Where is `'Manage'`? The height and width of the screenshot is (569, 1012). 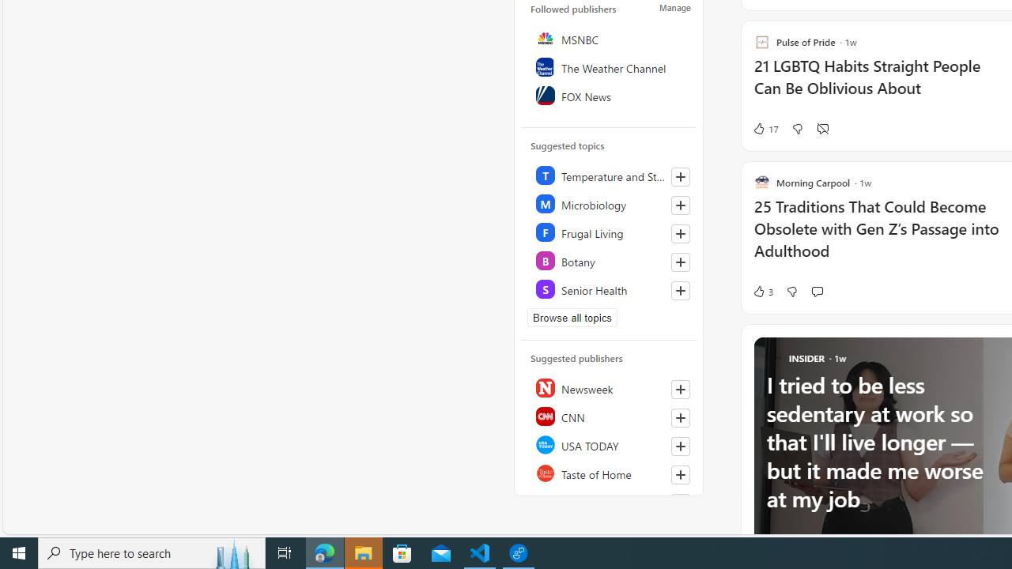 'Manage' is located at coordinates (675, 8).